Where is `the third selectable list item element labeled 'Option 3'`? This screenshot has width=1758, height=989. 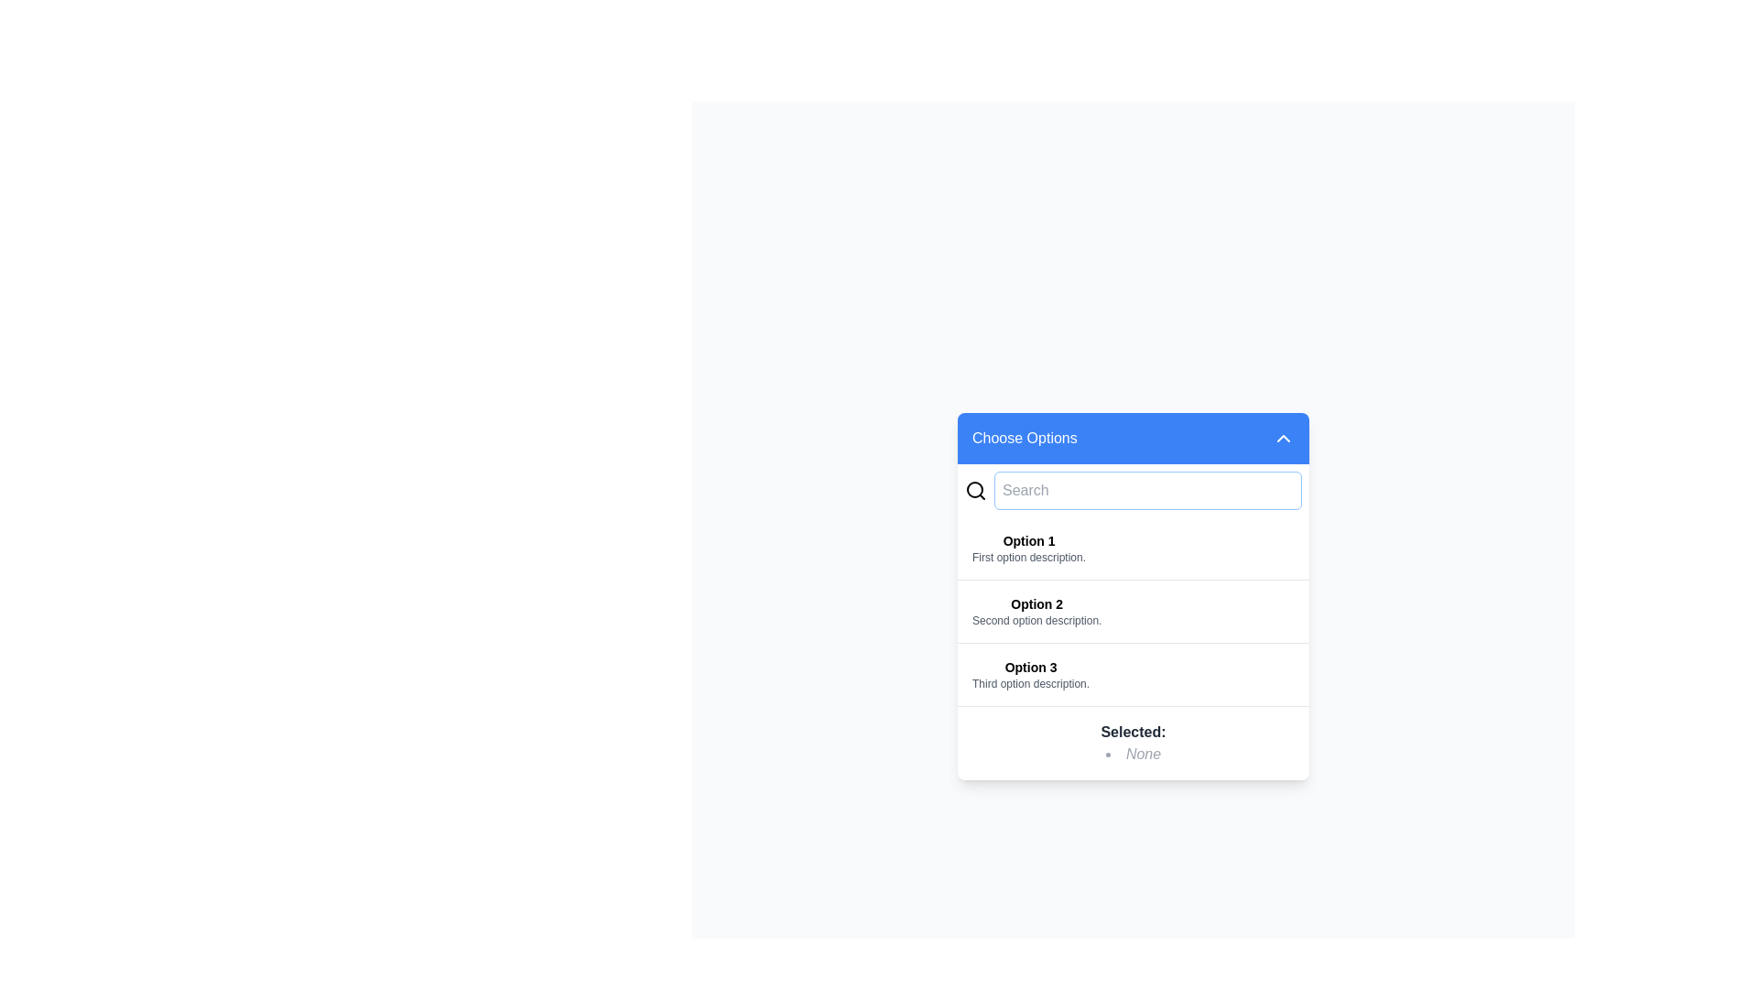 the third selectable list item element labeled 'Option 3' is located at coordinates (1133, 674).